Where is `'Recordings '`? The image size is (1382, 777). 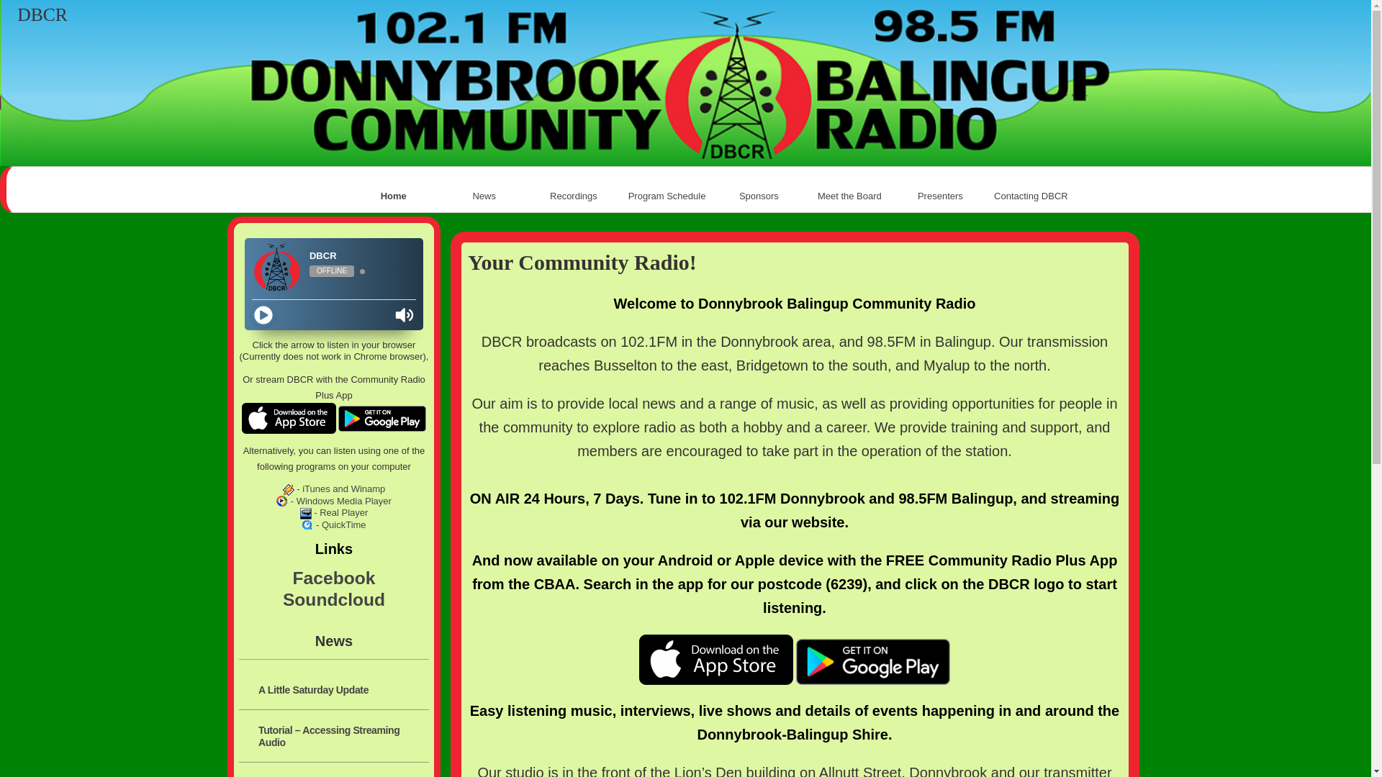 'Recordings ' is located at coordinates (574, 196).